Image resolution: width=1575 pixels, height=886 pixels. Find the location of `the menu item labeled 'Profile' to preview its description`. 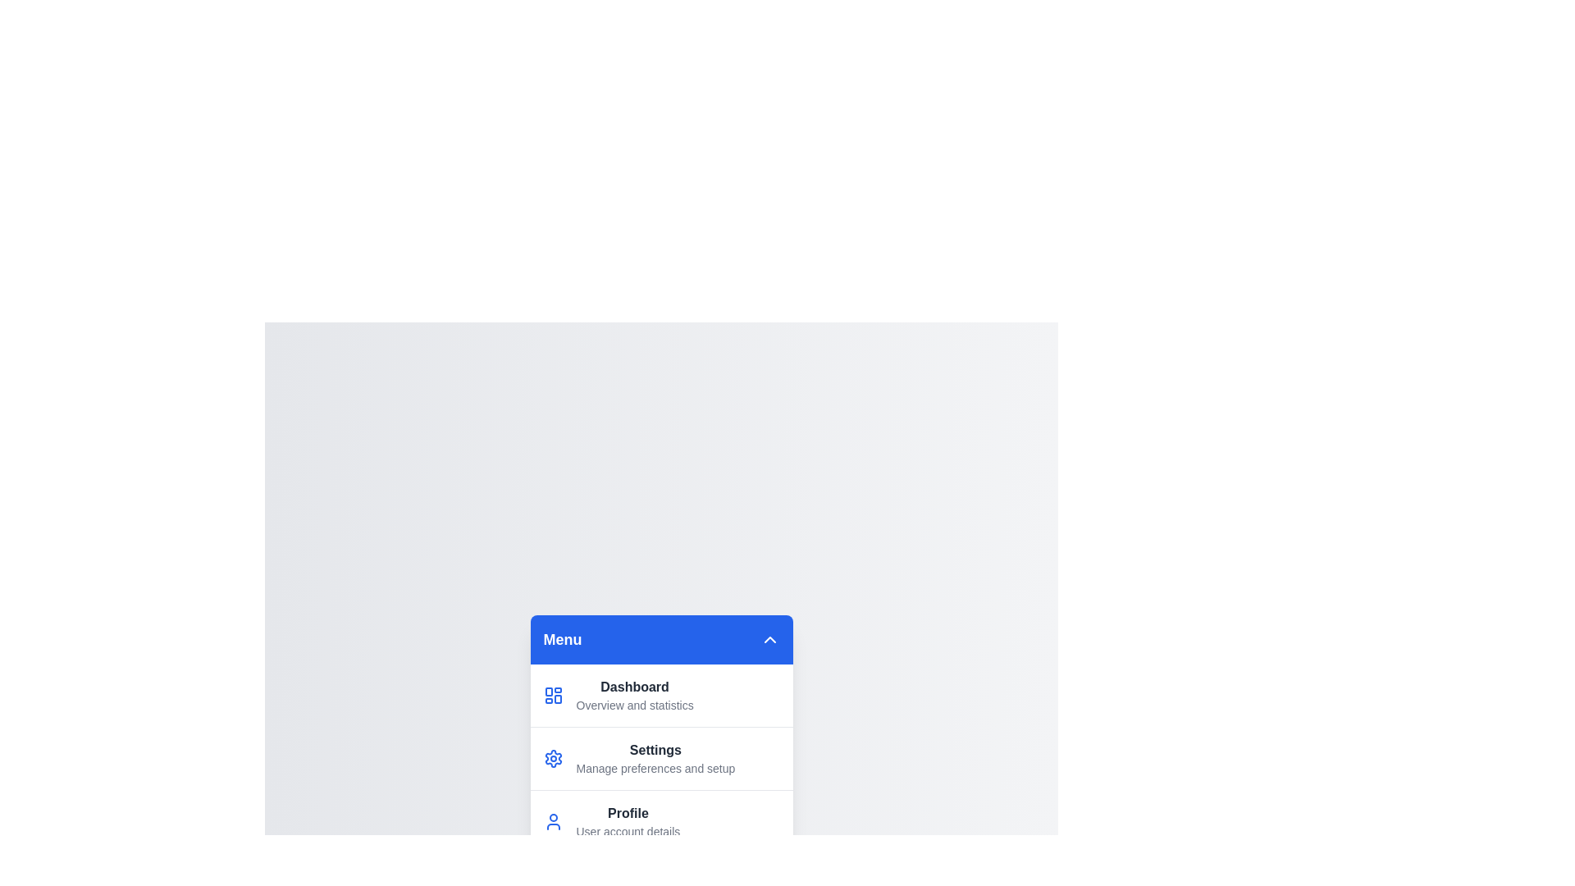

the menu item labeled 'Profile' to preview its description is located at coordinates (661, 821).